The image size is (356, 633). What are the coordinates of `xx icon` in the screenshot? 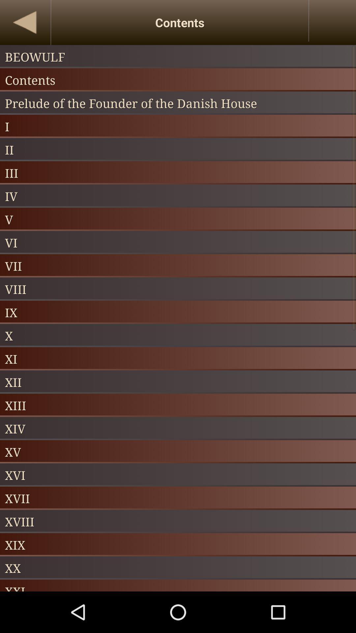 It's located at (178, 568).